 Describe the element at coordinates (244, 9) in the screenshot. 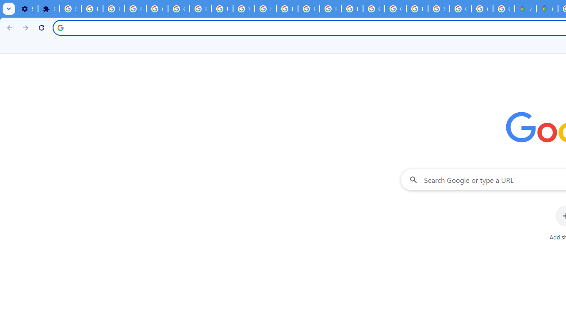

I see `'YouTube'` at that location.